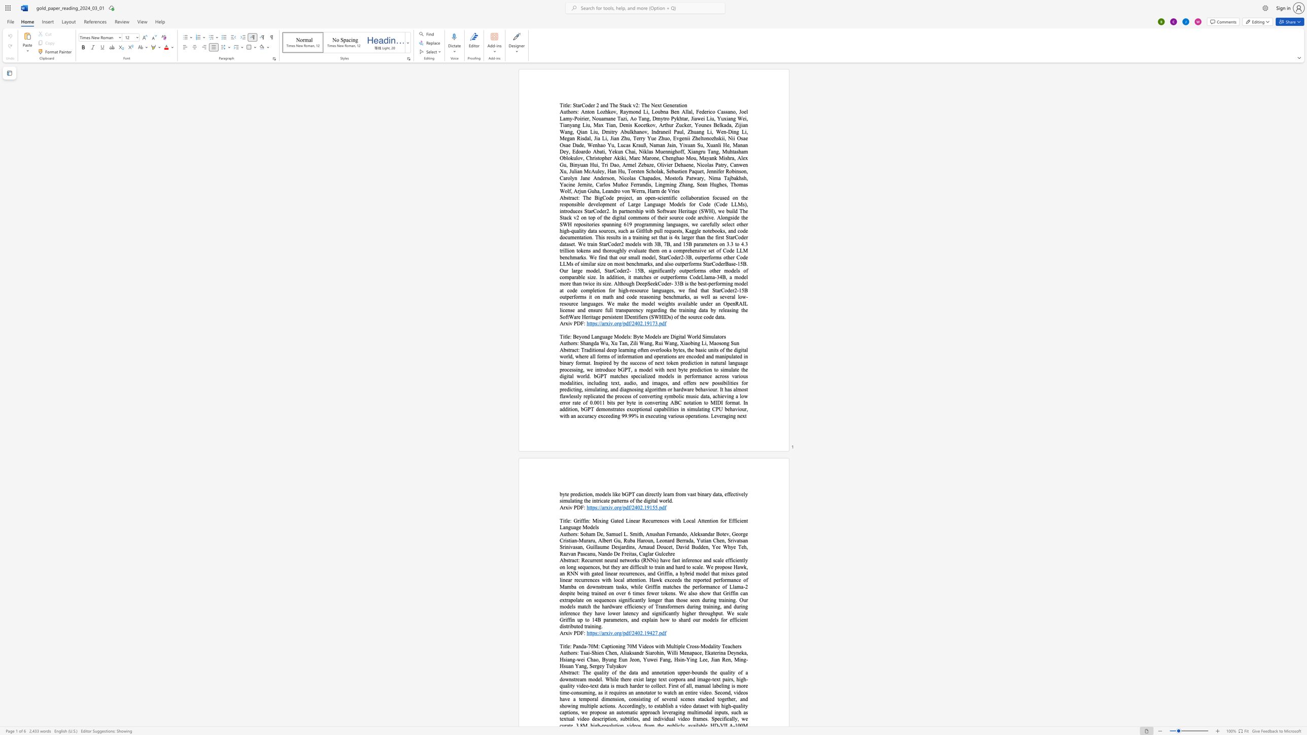  Describe the element at coordinates (632, 152) in the screenshot. I see `the 46th character "a" in the text` at that location.